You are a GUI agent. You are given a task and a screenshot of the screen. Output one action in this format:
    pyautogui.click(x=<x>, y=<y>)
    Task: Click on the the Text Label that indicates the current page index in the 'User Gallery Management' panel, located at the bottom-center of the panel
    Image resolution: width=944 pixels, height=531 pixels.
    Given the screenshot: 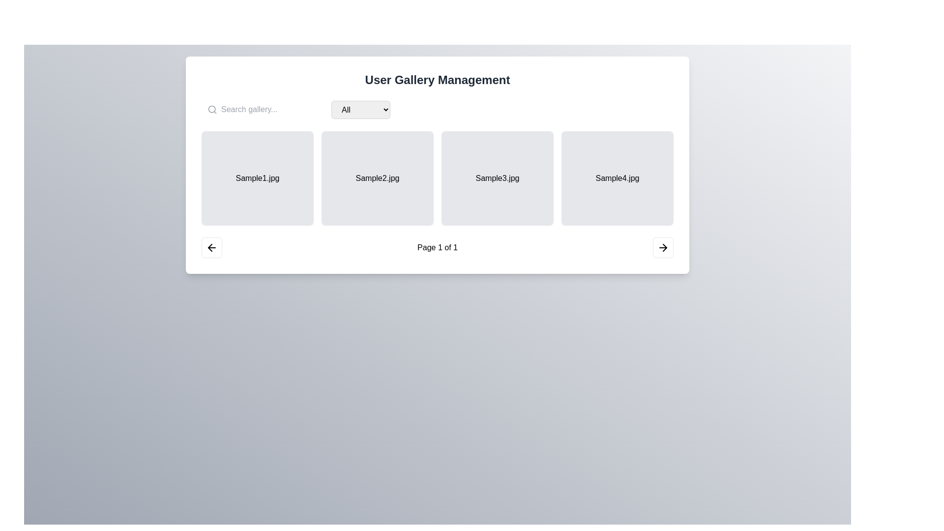 What is the action you would take?
    pyautogui.click(x=437, y=247)
    